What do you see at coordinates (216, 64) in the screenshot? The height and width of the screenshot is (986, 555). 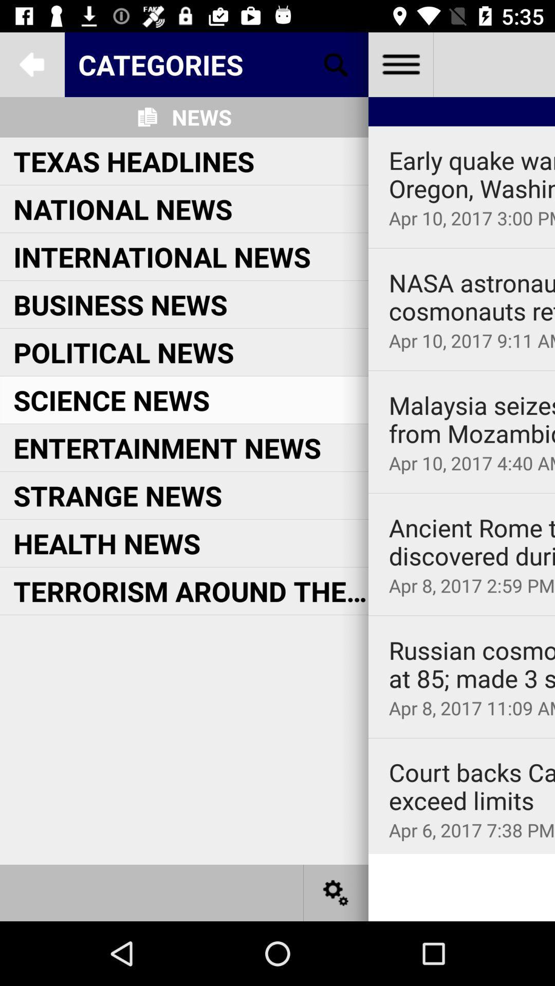 I see `categories` at bounding box center [216, 64].